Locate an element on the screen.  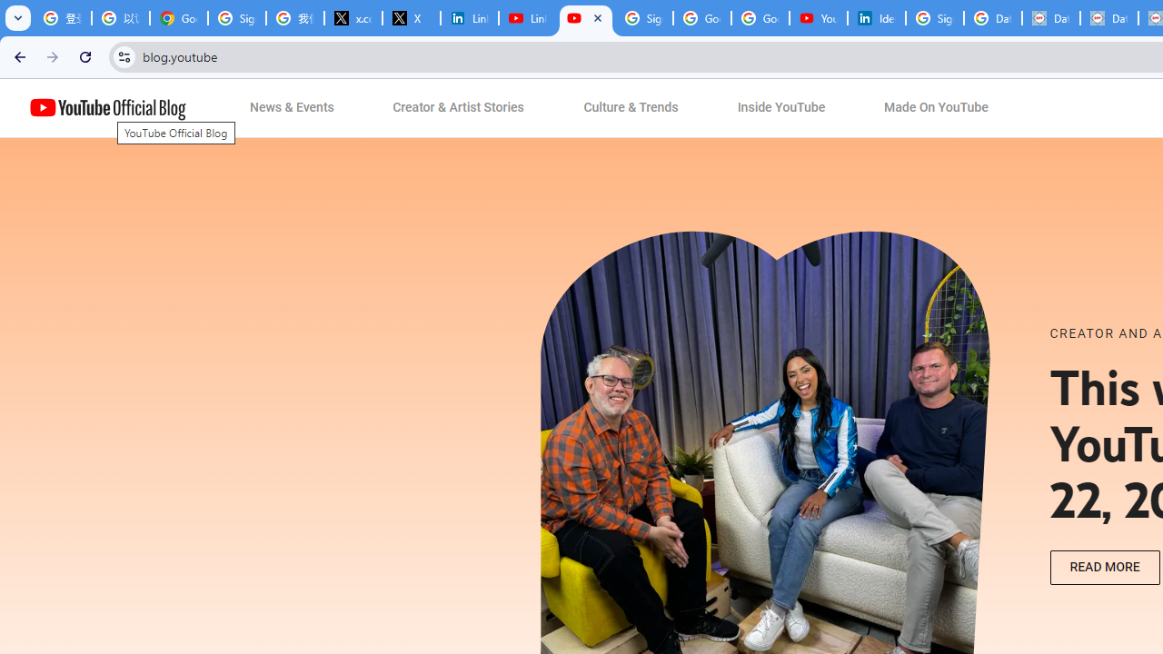
'YouTube Official Blog logo' is located at coordinates (107, 108).